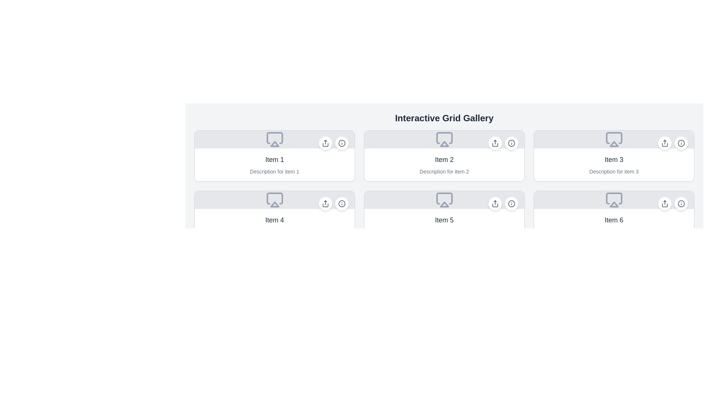  What do you see at coordinates (665, 204) in the screenshot?
I see `the circular button with a white background and a centered upward arrow icon located at the top-right corner of the 'Item 6' card` at bounding box center [665, 204].